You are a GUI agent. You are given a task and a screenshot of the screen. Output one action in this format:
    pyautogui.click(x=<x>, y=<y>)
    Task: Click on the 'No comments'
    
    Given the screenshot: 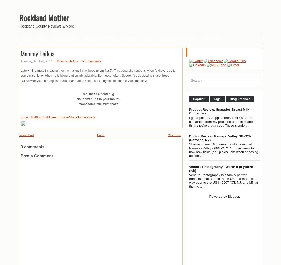 What is the action you would take?
    pyautogui.click(x=91, y=61)
    